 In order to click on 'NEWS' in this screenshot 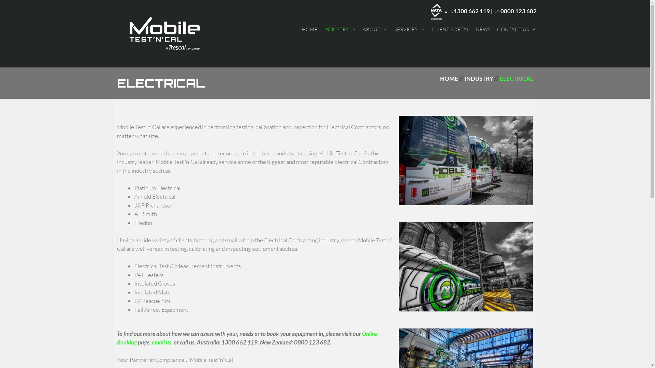, I will do `click(475, 29)`.